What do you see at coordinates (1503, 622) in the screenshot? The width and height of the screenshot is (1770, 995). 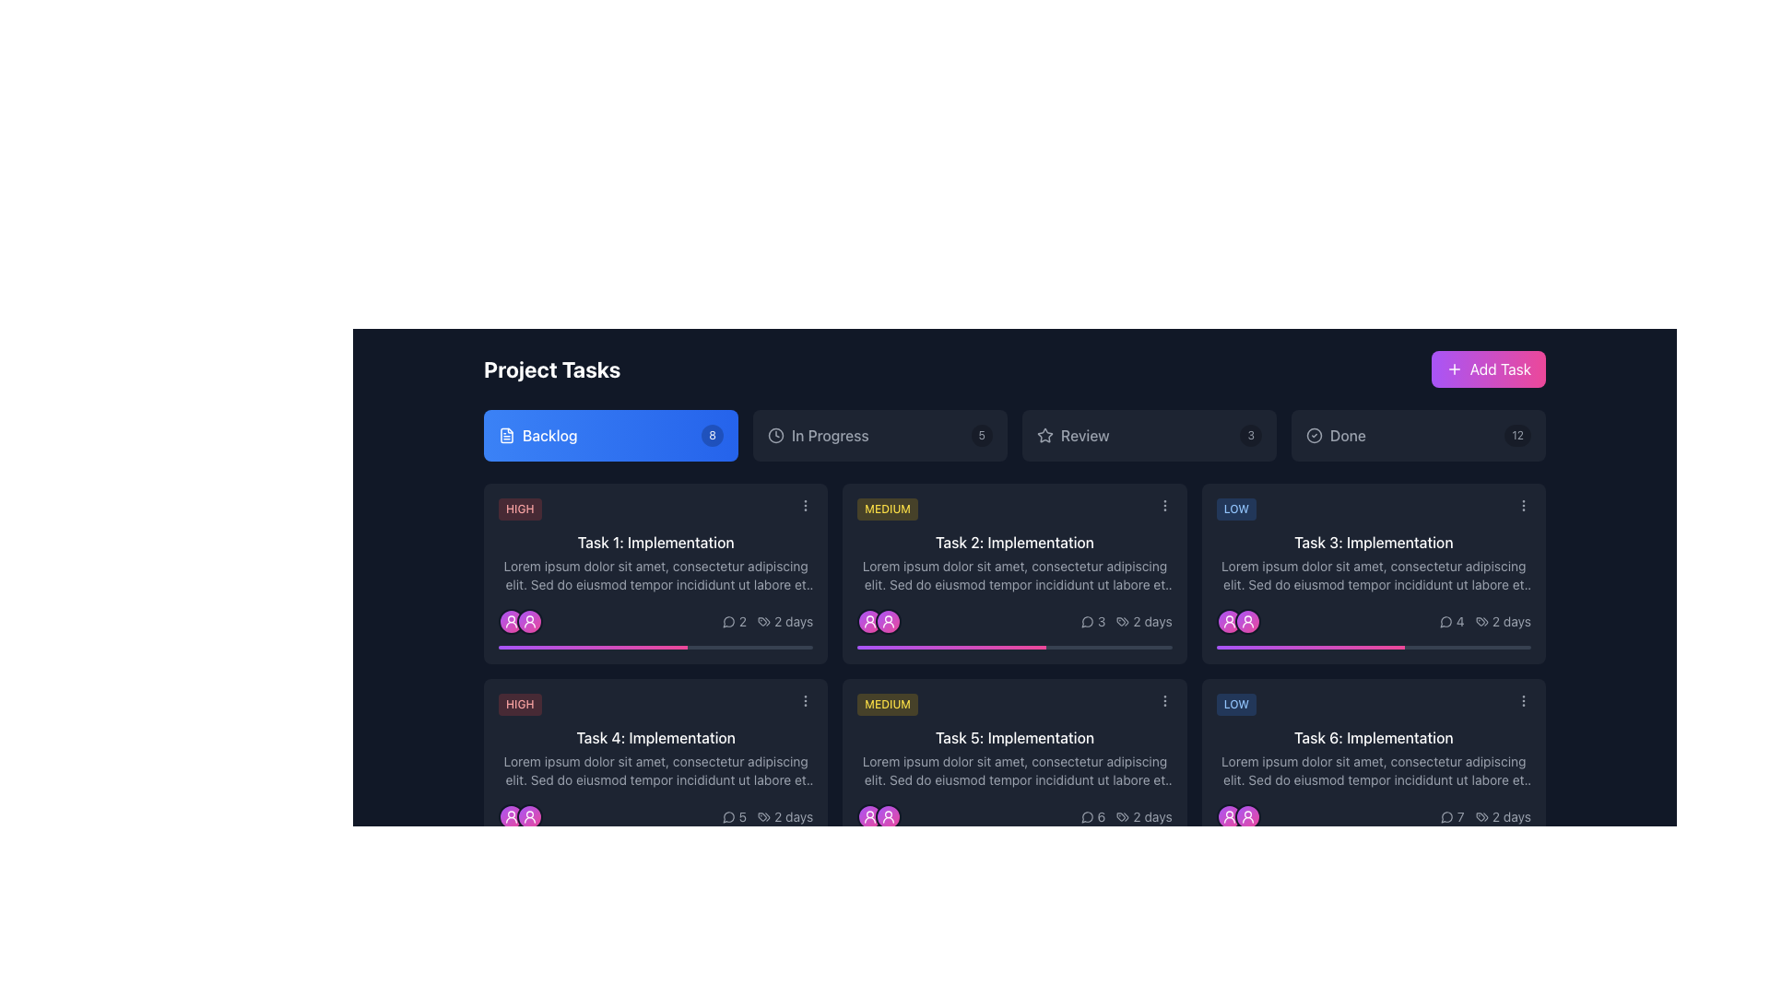 I see `the static text element indicating the time duration associated with 'Task 3: Implementation' located in the bottom right corner of the card, adjacent to the comment count icon` at bounding box center [1503, 622].